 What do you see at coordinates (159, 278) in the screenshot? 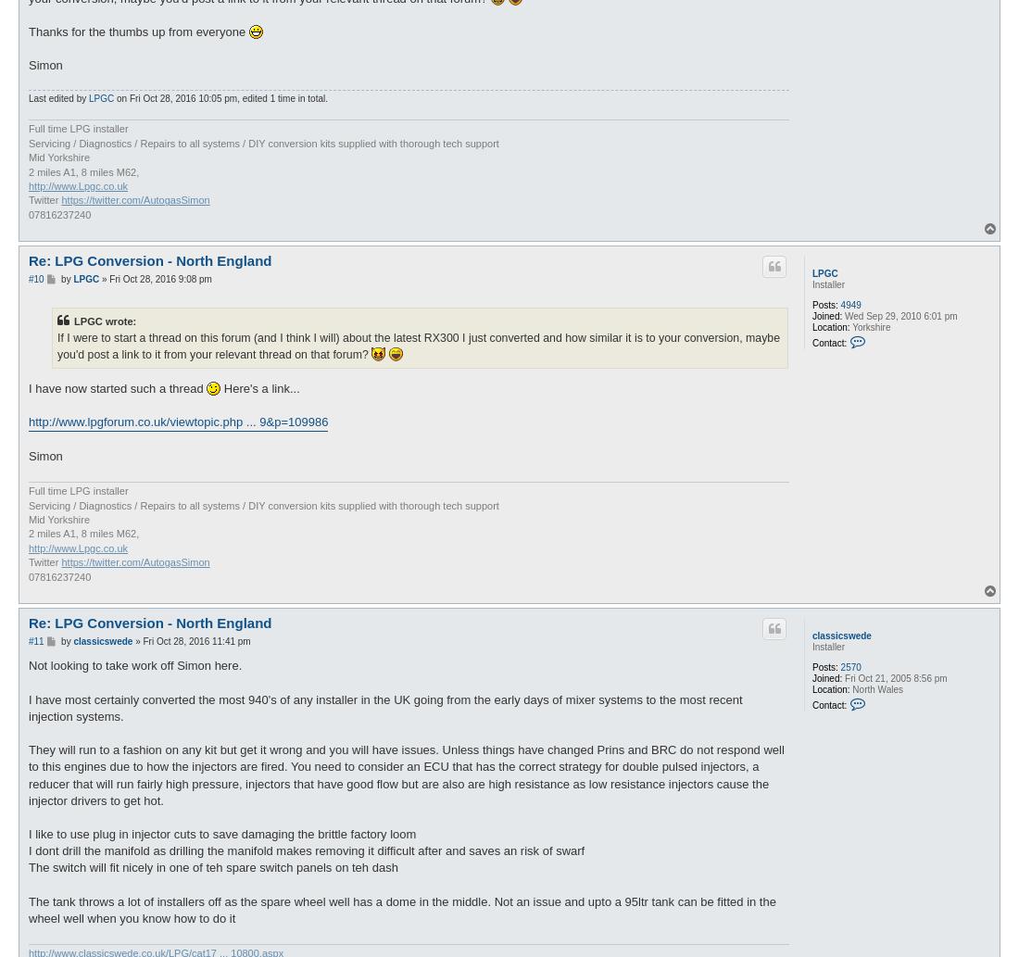
I see `'Fri Oct 28, 2016 9:08 pm'` at bounding box center [159, 278].